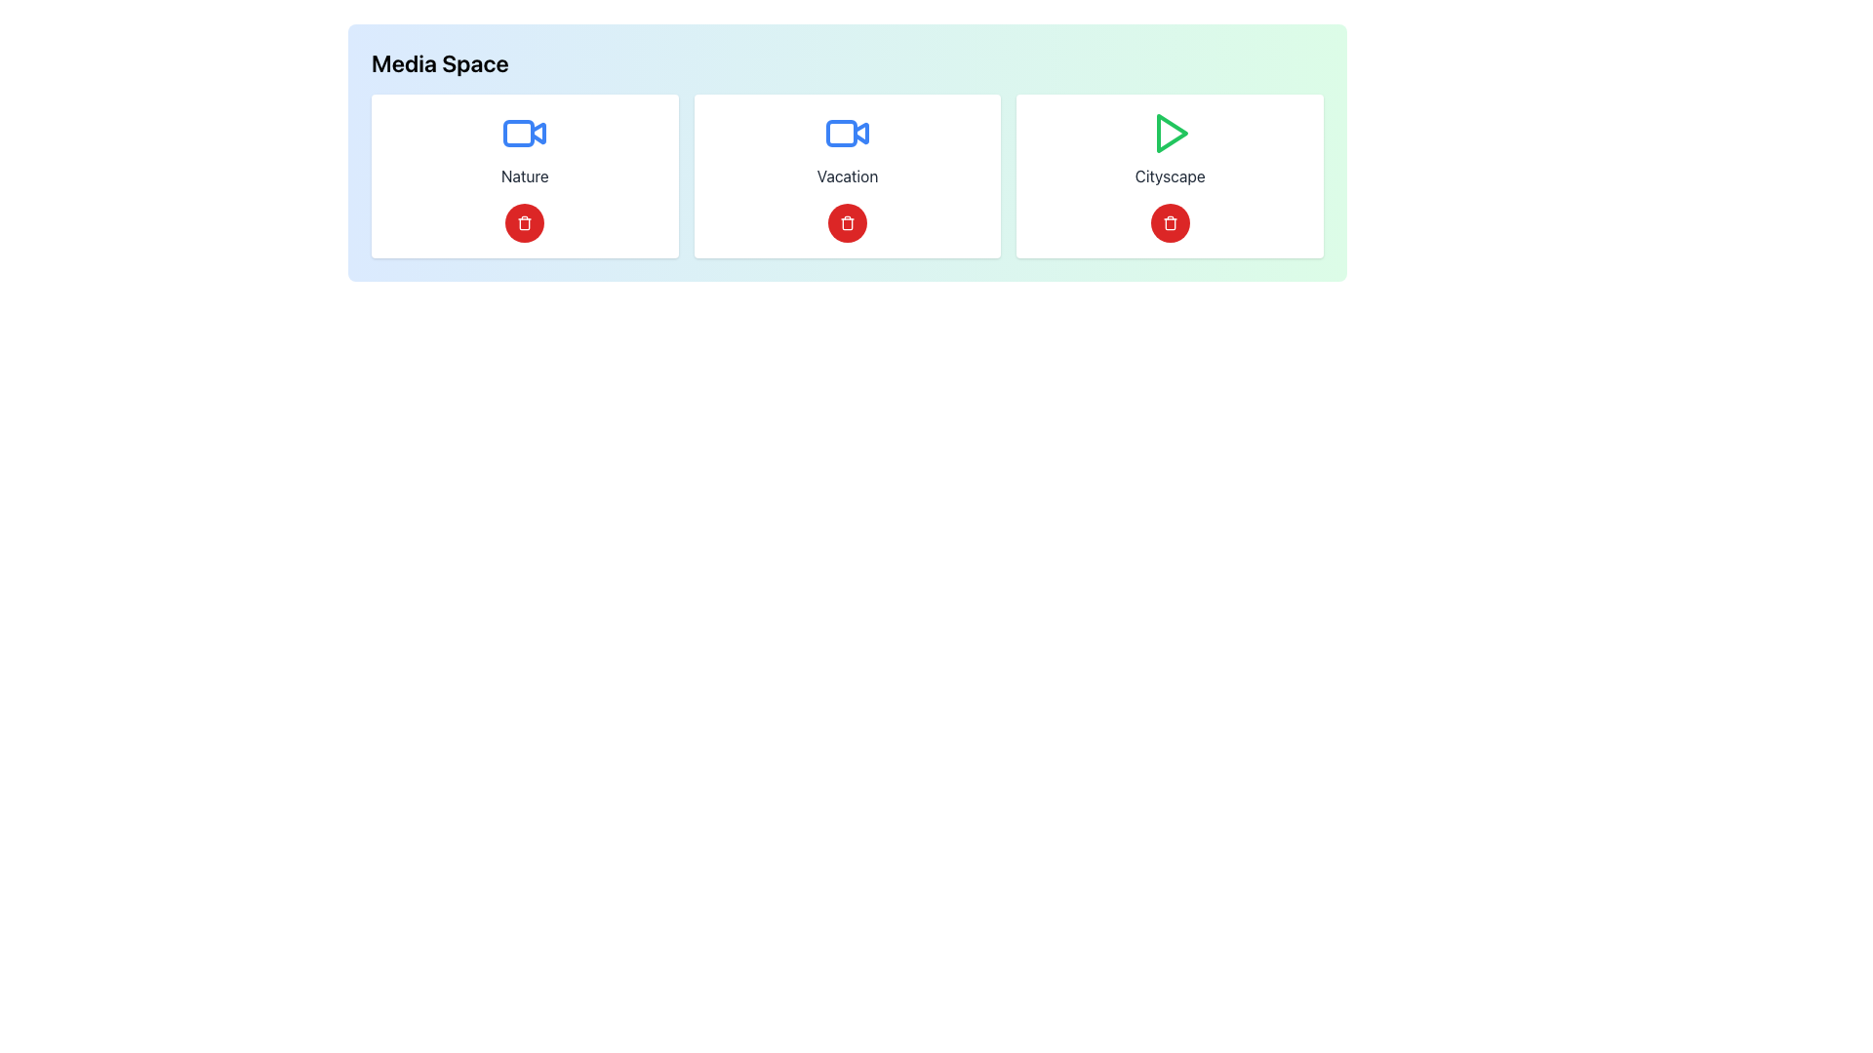 This screenshot has width=1873, height=1053. I want to click on the green triangular-shaped icon resembling a play button located in the rightmost white-bordered box labeled 'Cityscape', so click(1171, 133).